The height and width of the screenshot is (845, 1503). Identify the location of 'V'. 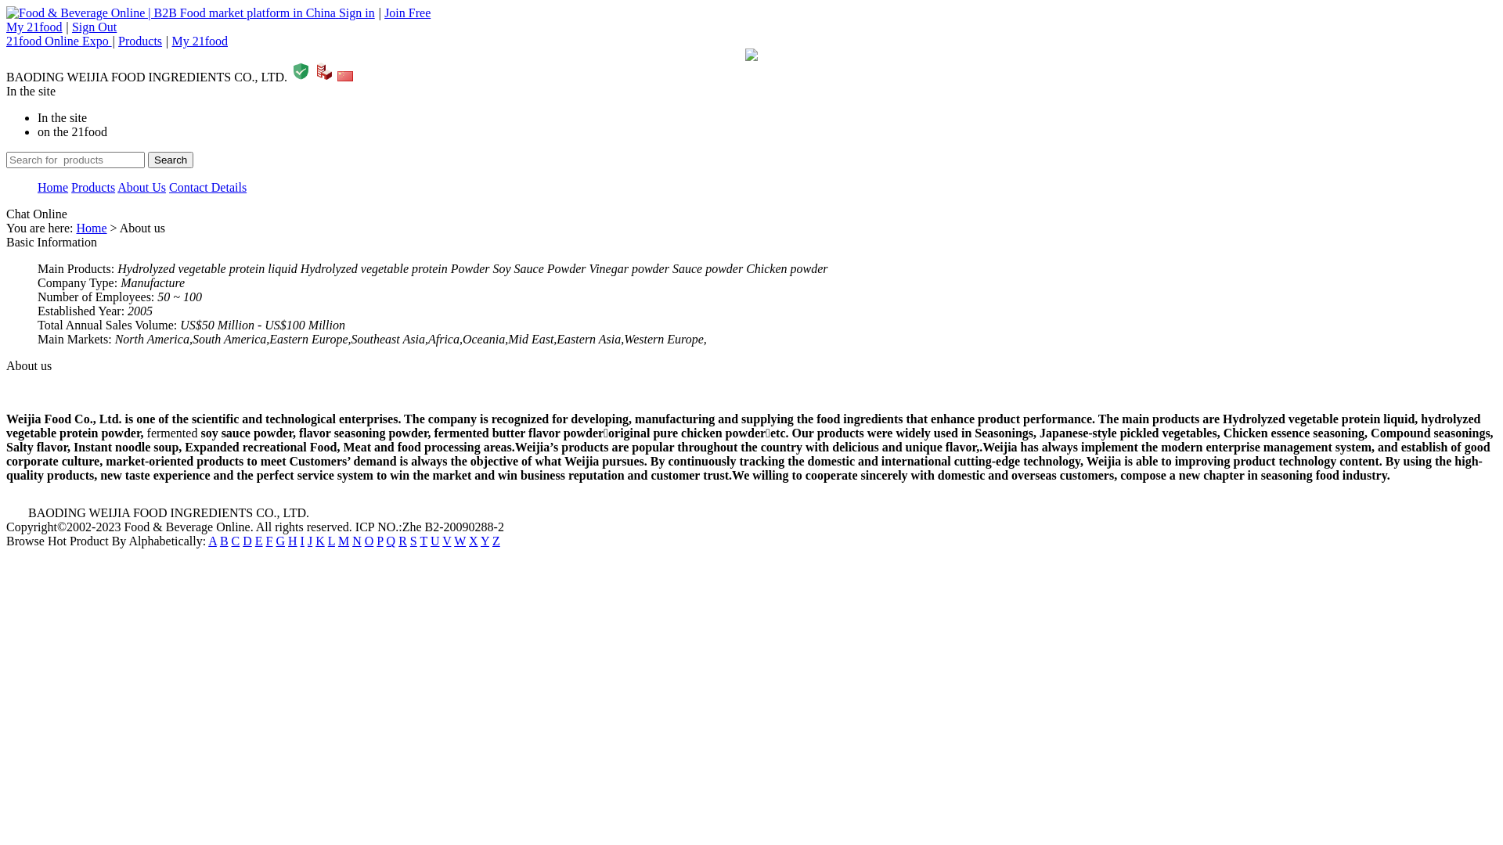
(445, 540).